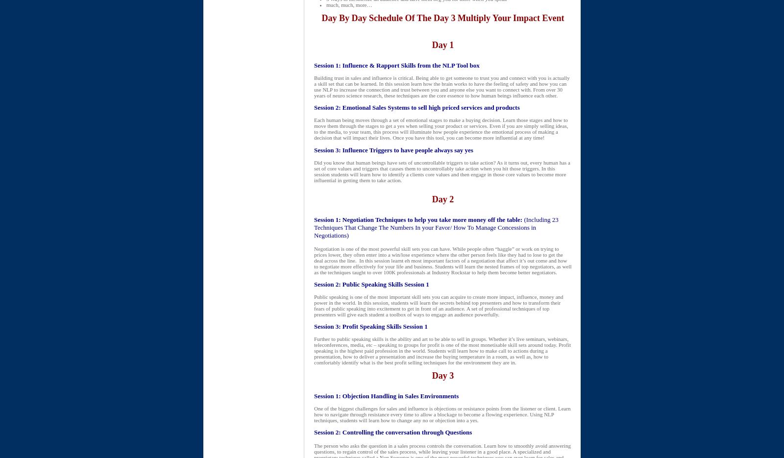  What do you see at coordinates (436, 227) in the screenshot?
I see `'(Including 23 Techniques That Change The Numbers In your  Favor/ How To Manage  Concessions in Negotiations)'` at bounding box center [436, 227].